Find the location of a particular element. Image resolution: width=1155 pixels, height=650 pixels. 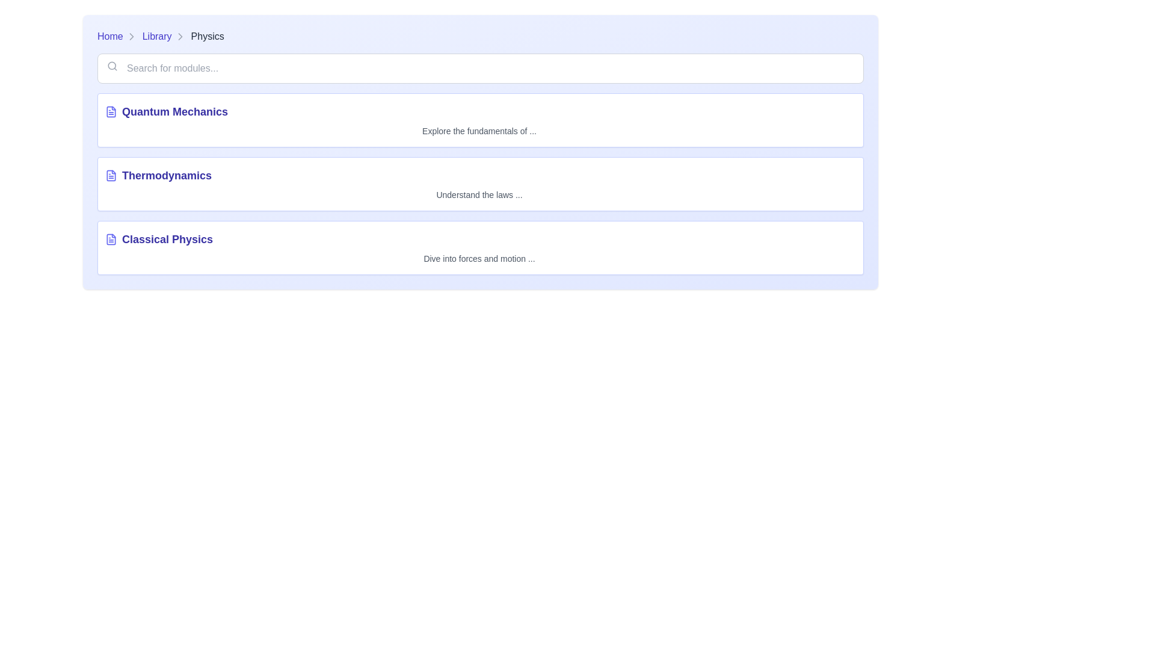

the breadcrumb navigation icon located between the 'Library' and 'Physics' text, which serves as a visual indicator of hierarchy is located at coordinates (179, 36).